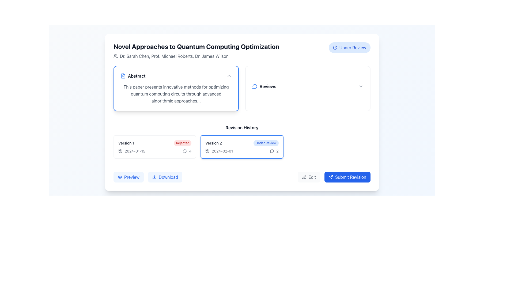 The image size is (514, 289). What do you see at coordinates (241, 151) in the screenshot?
I see `the textual display component showing '2024-02-012' within the 'Version 2' section of the 'Revision History', which is centrally located below 'Under Review'` at bounding box center [241, 151].